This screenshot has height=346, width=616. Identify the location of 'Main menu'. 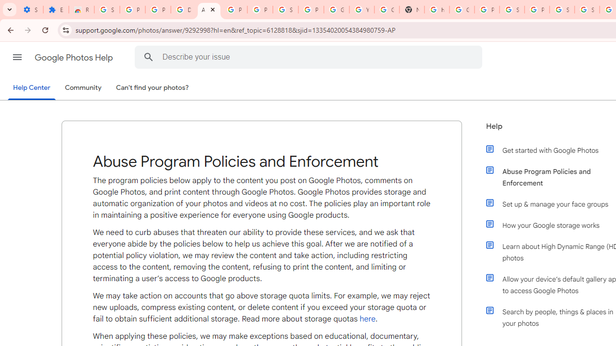
(17, 57).